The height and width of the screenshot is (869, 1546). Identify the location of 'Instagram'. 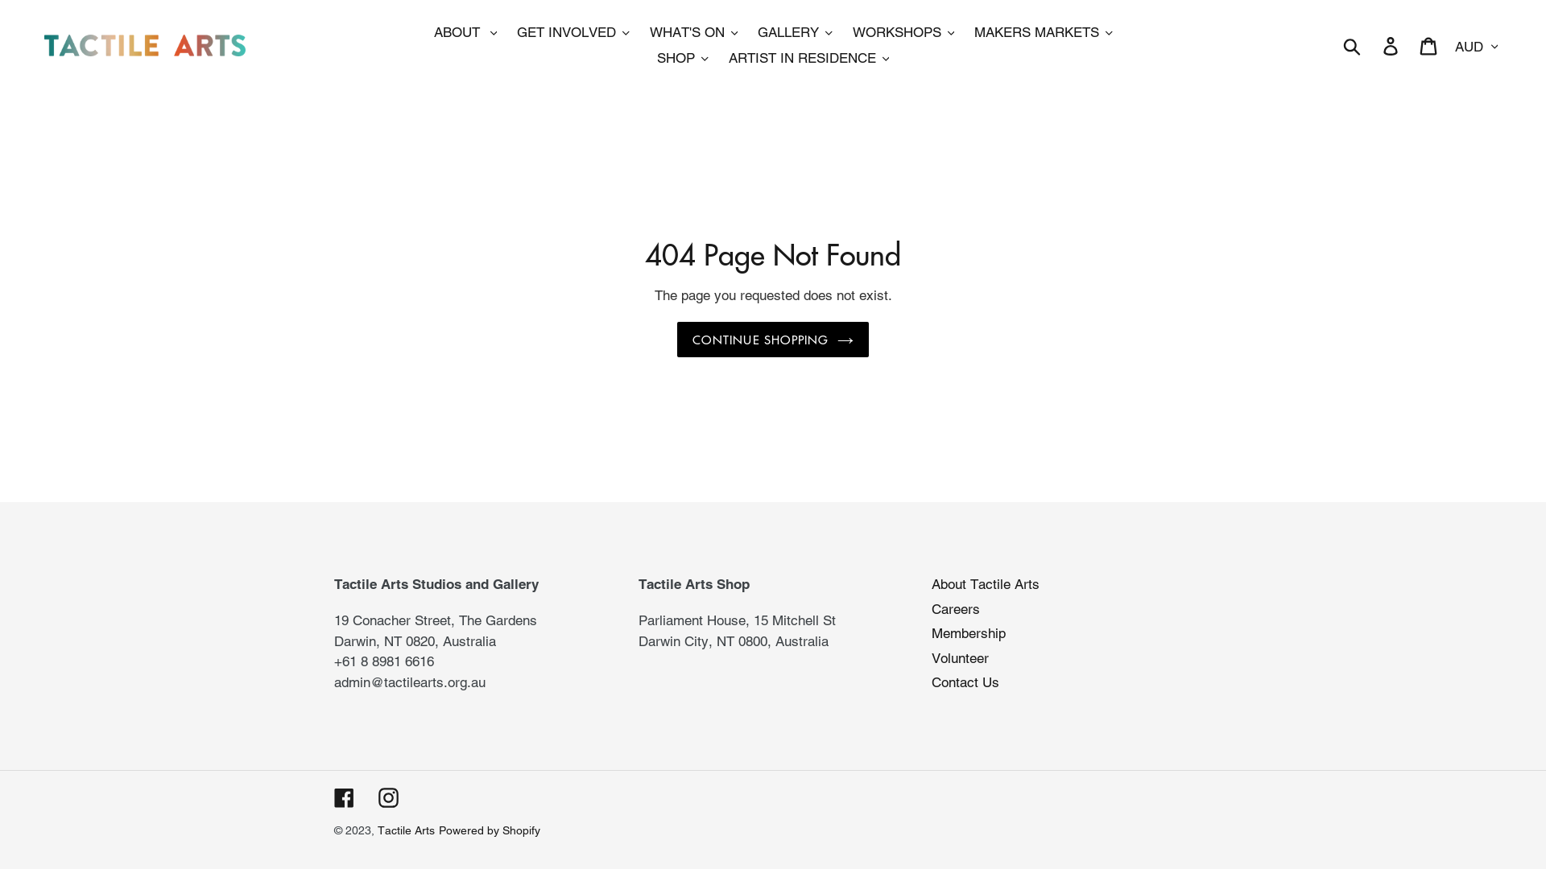
(388, 797).